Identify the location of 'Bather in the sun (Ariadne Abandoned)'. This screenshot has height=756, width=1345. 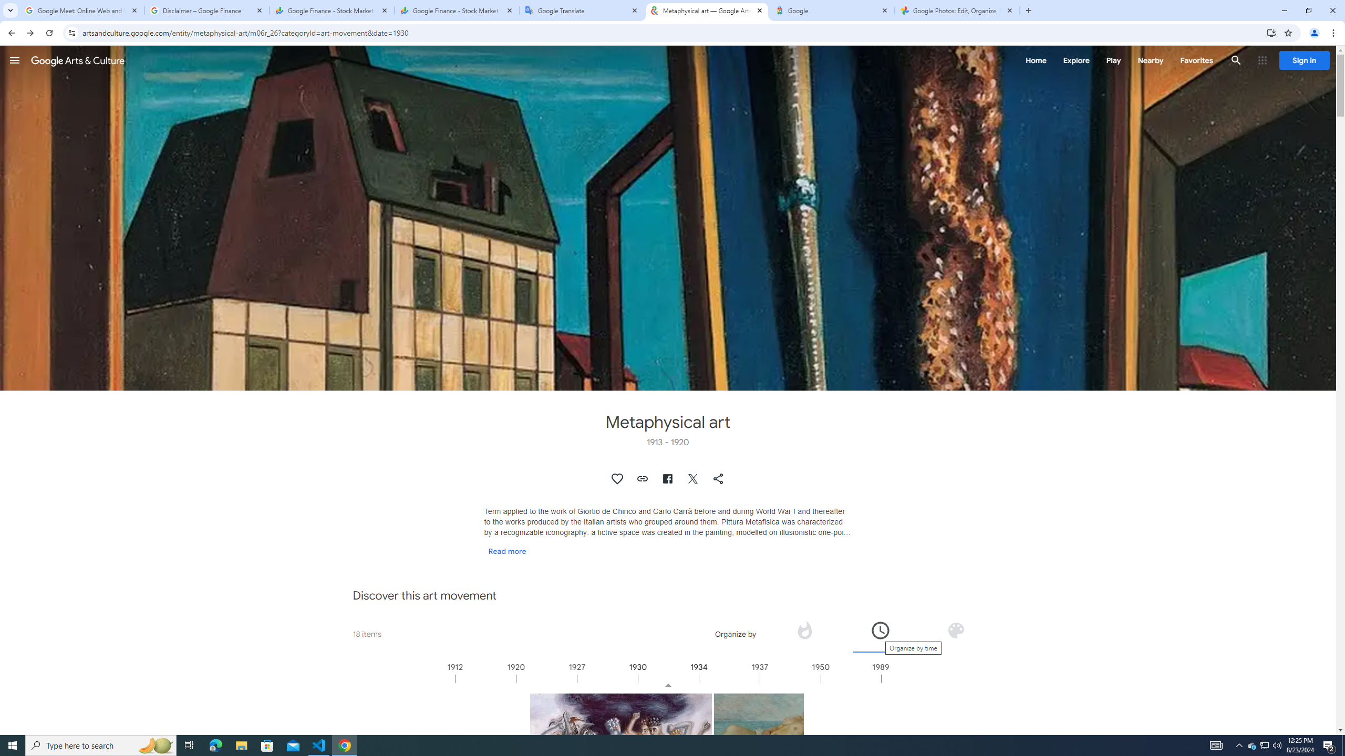
(759, 738).